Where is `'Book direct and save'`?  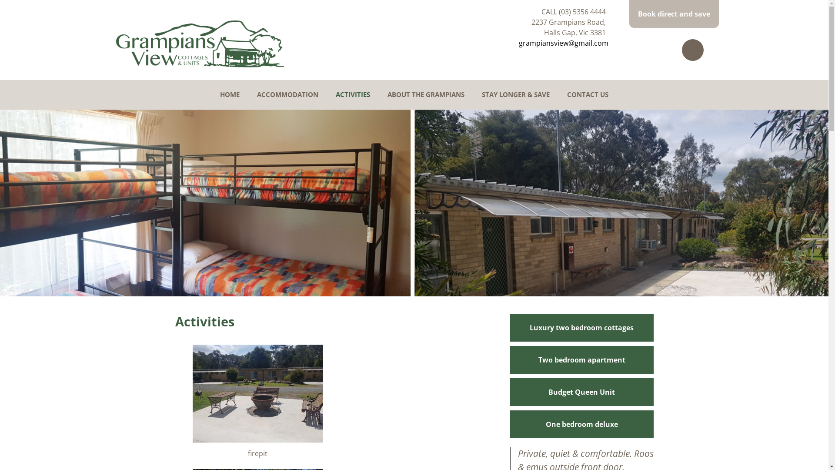 'Book direct and save' is located at coordinates (673, 13).